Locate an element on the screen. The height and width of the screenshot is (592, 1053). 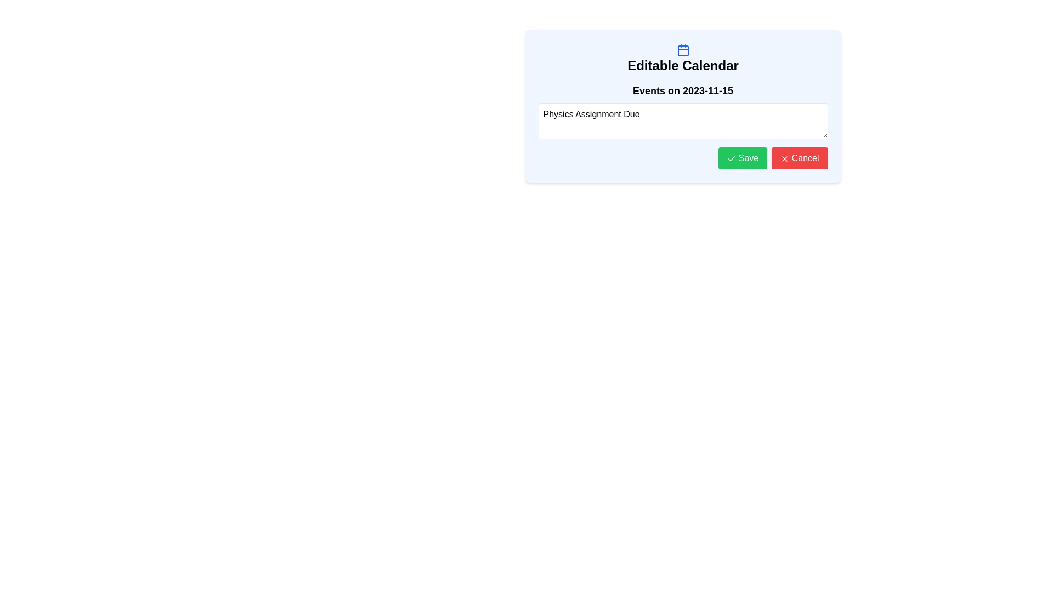
the small green checkmark icon located to the left of the 'Save' button, which has a transparent background and is outlined in green is located at coordinates (732, 158).